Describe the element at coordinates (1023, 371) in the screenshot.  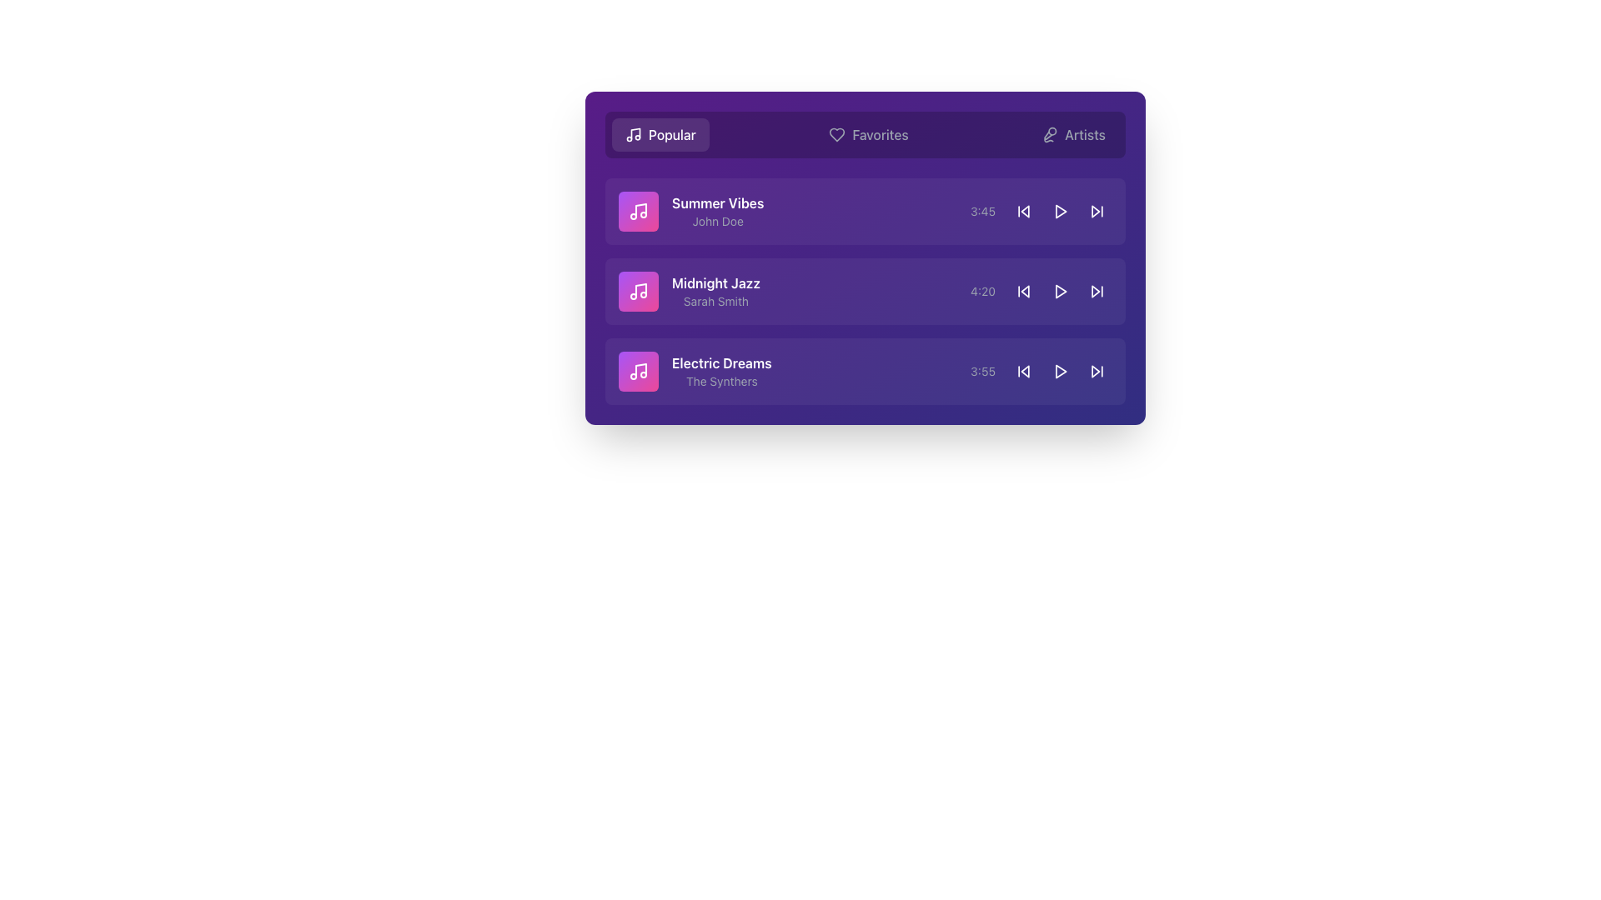
I see `the backward navigation button located on the far-right side of the playback controls` at that location.